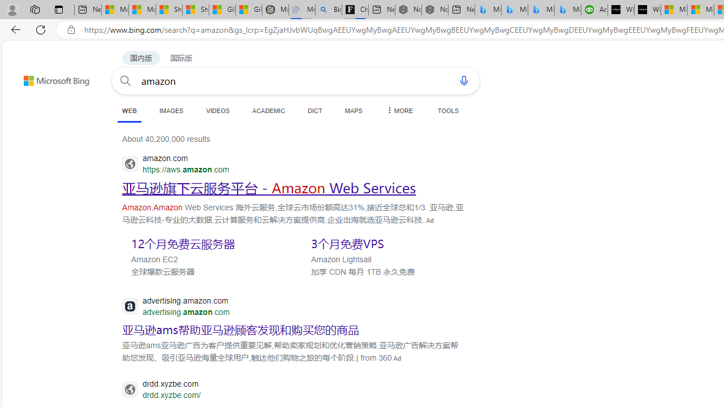  Describe the element at coordinates (170, 110) in the screenshot. I see `'IMAGES'` at that location.